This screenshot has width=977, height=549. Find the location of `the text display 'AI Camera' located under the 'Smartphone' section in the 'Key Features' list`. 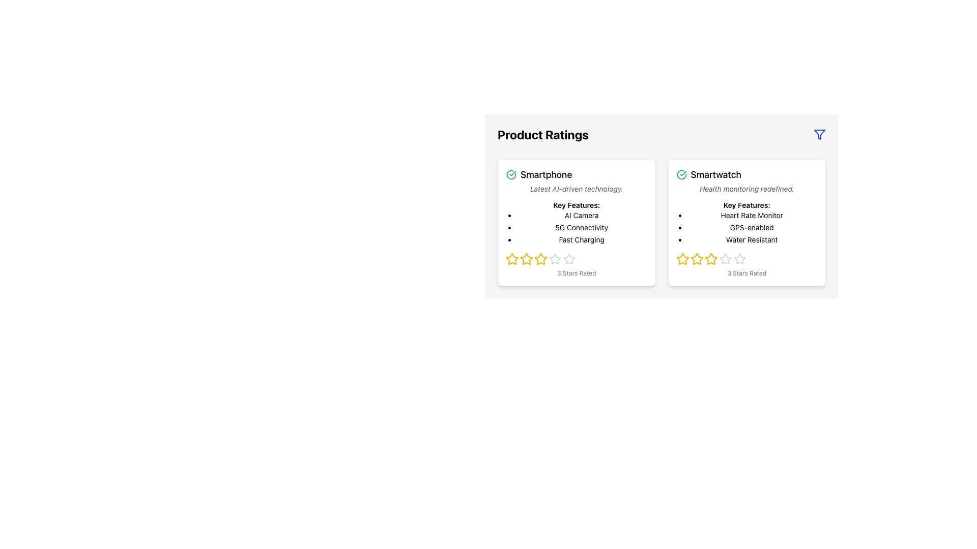

the text display 'AI Camera' located under the 'Smartphone' section in the 'Key Features' list is located at coordinates (582, 215).